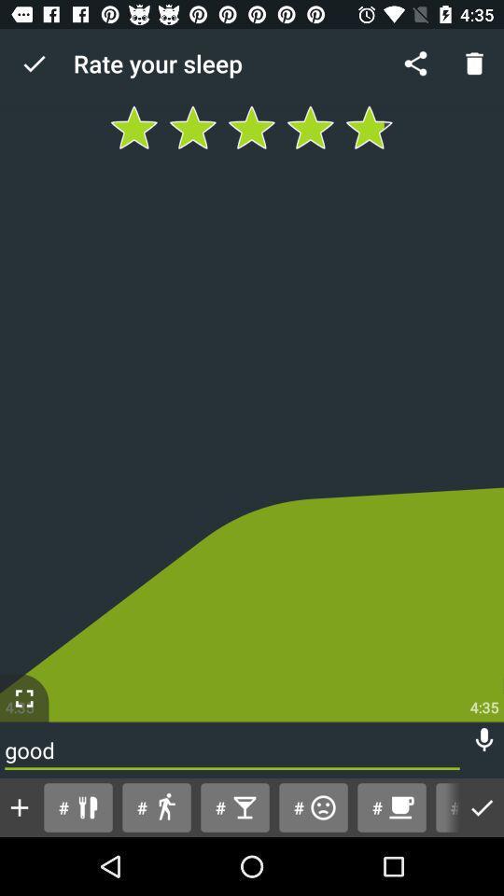 The image size is (504, 896). I want to click on button next to # item, so click(444, 806).